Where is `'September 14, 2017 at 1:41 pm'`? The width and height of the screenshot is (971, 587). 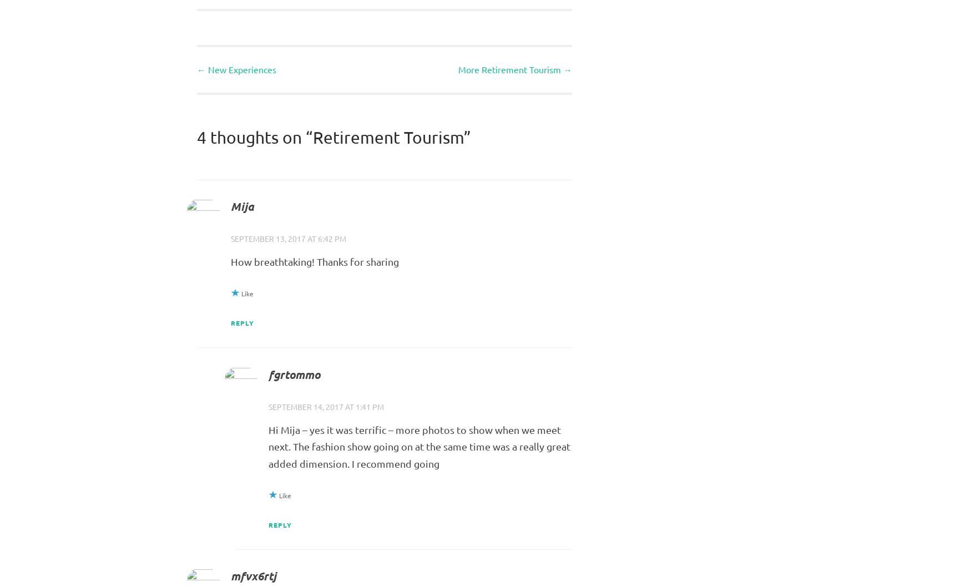
'September 14, 2017 at 1:41 pm' is located at coordinates (325, 406).